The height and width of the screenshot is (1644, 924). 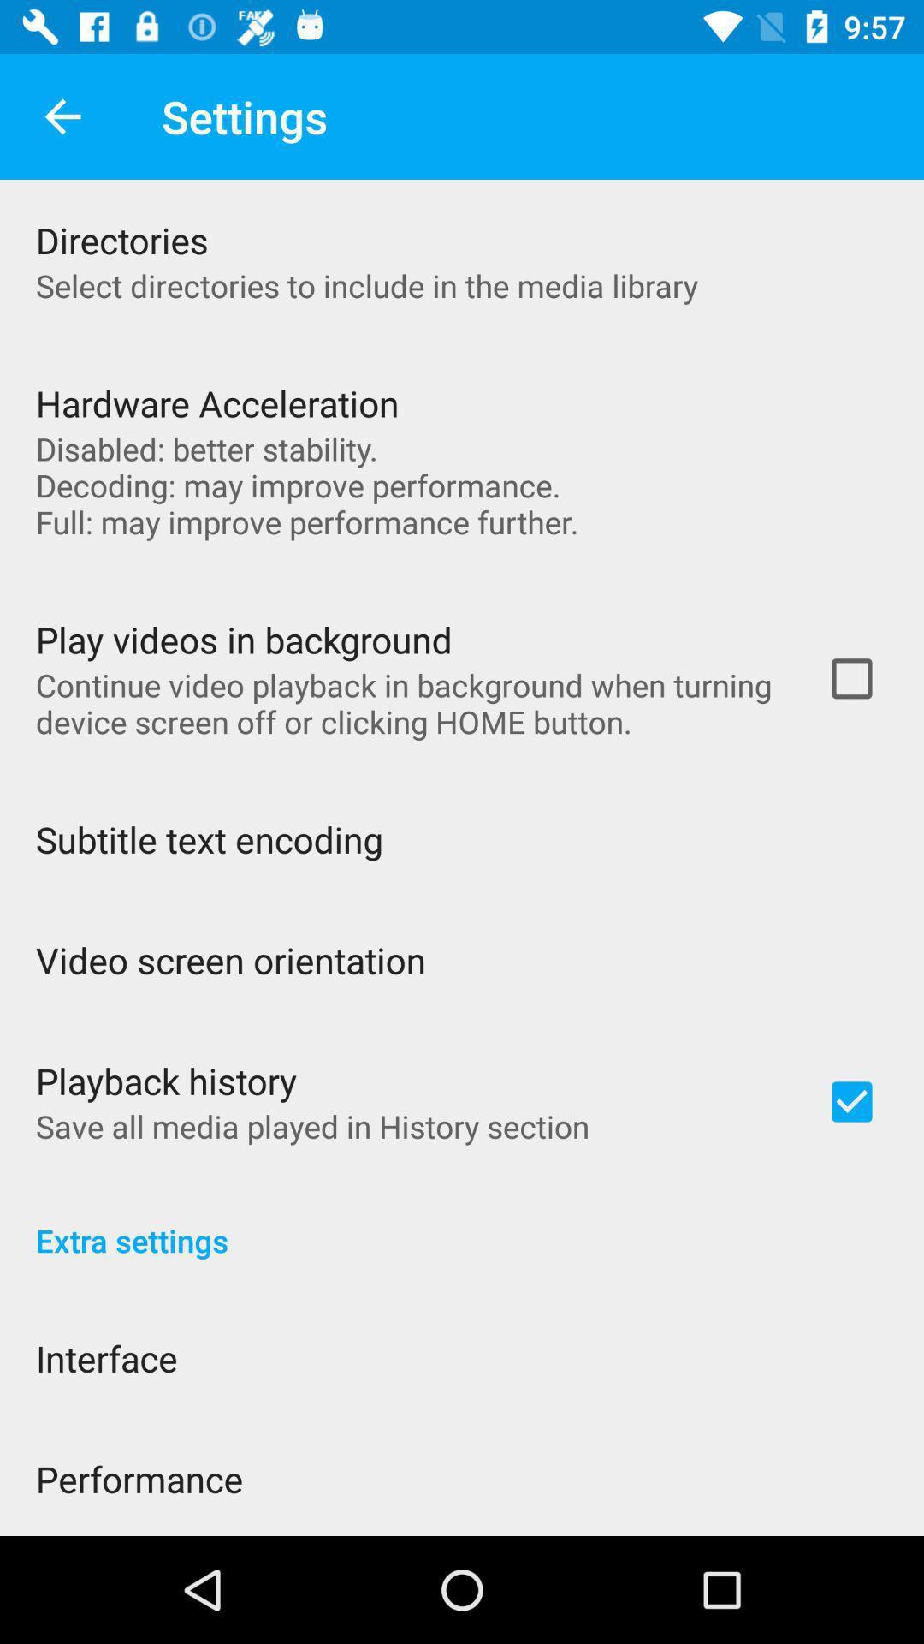 I want to click on the icon above the directories item, so click(x=62, y=116).